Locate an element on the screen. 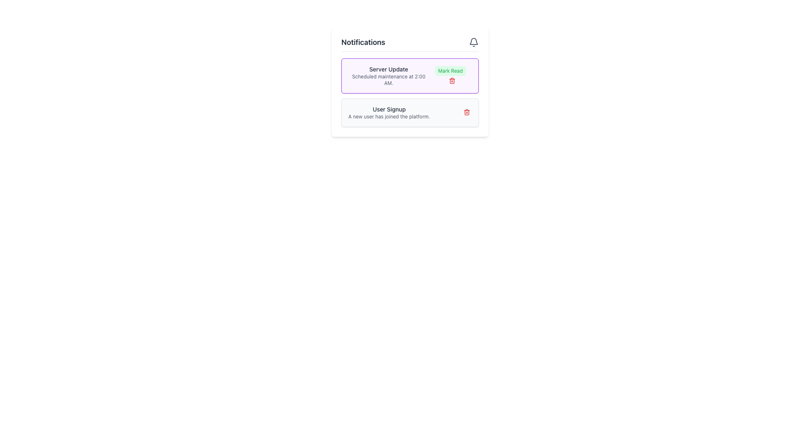 This screenshot has height=441, width=785. the 'Server Update' text label, which is styled with medium font weight and dark gray color, located within the notification card is located at coordinates (388, 69).